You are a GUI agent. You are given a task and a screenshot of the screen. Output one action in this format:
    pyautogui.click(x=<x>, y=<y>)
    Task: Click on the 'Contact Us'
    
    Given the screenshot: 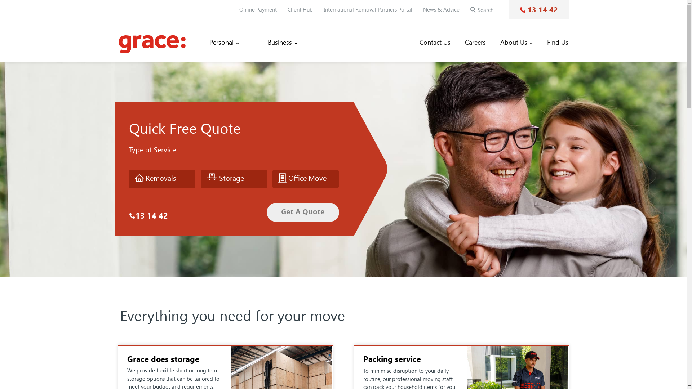 What is the action you would take?
    pyautogui.click(x=434, y=42)
    